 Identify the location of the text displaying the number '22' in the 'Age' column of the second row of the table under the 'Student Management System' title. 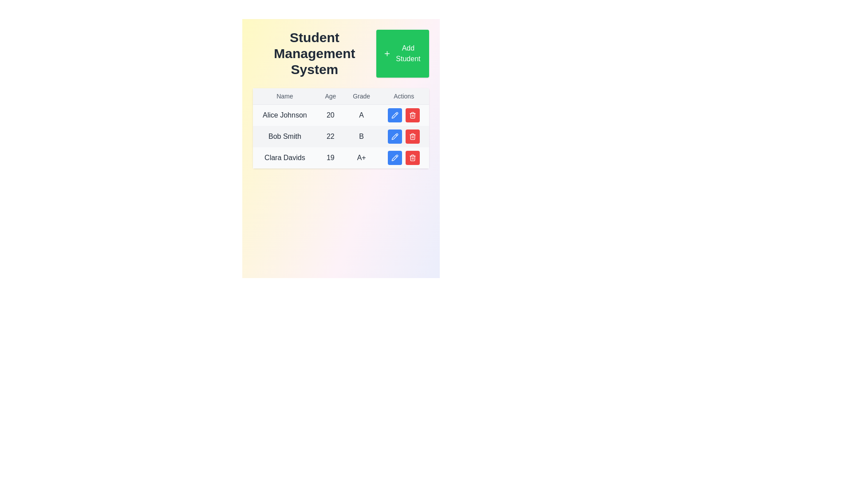
(330, 137).